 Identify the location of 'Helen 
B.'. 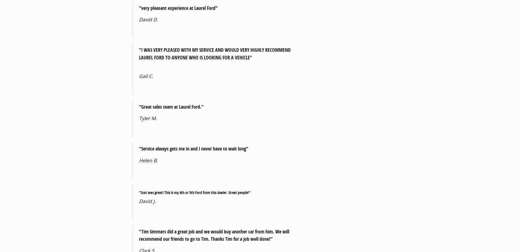
(148, 160).